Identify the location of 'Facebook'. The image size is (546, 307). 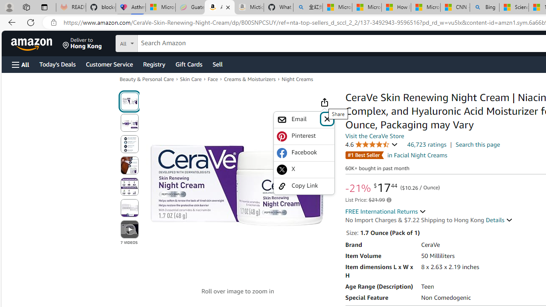
(304, 152).